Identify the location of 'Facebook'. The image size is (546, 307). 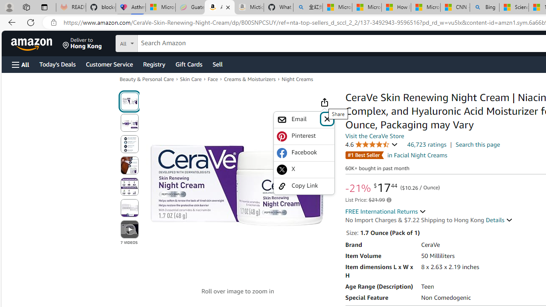
(304, 152).